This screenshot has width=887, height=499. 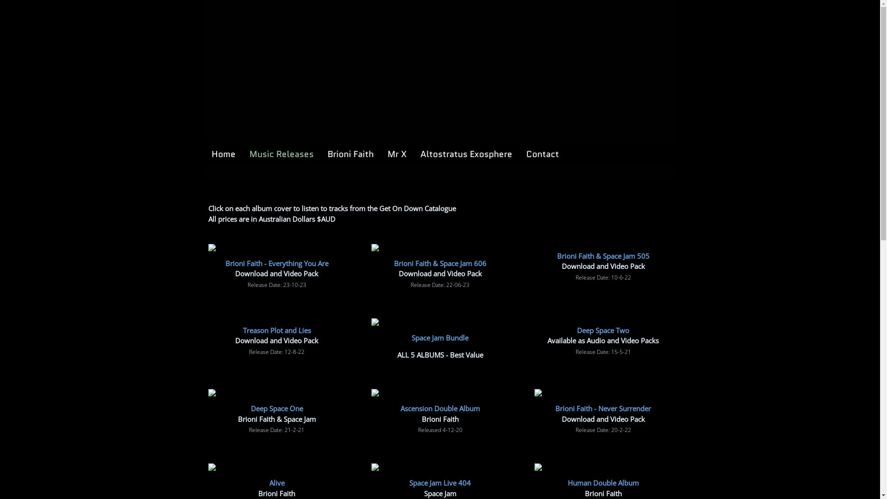 I want to click on 'Space Jam Bundle', so click(x=439, y=337).